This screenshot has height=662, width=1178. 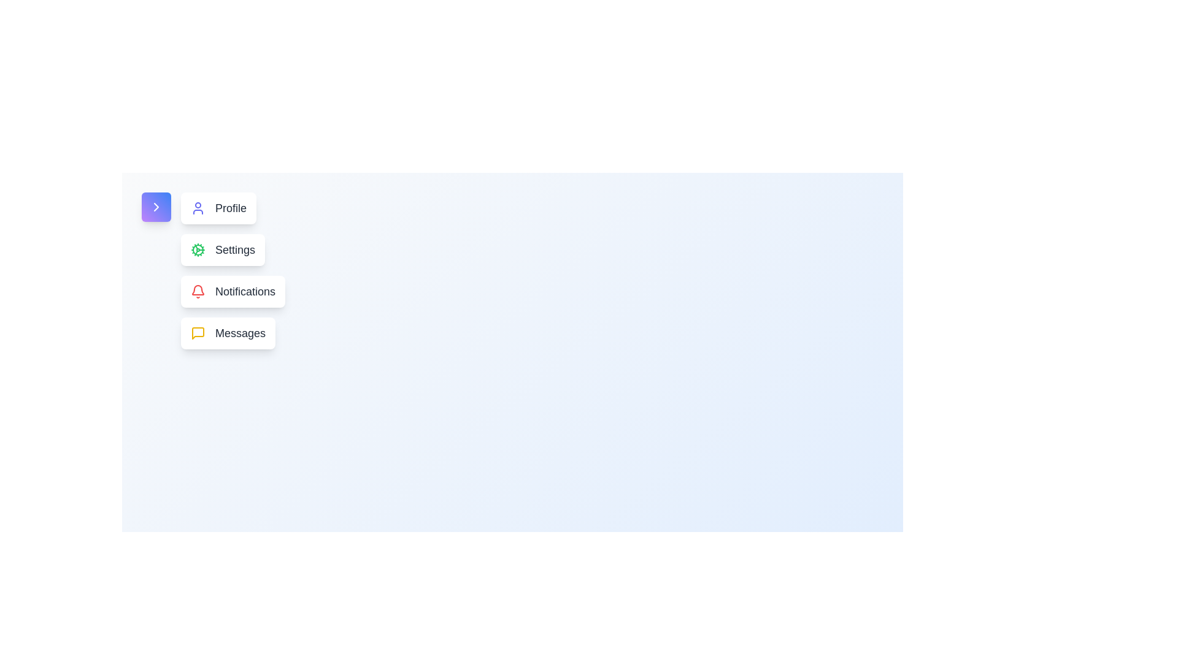 What do you see at coordinates (223, 249) in the screenshot?
I see `'Settings' button` at bounding box center [223, 249].